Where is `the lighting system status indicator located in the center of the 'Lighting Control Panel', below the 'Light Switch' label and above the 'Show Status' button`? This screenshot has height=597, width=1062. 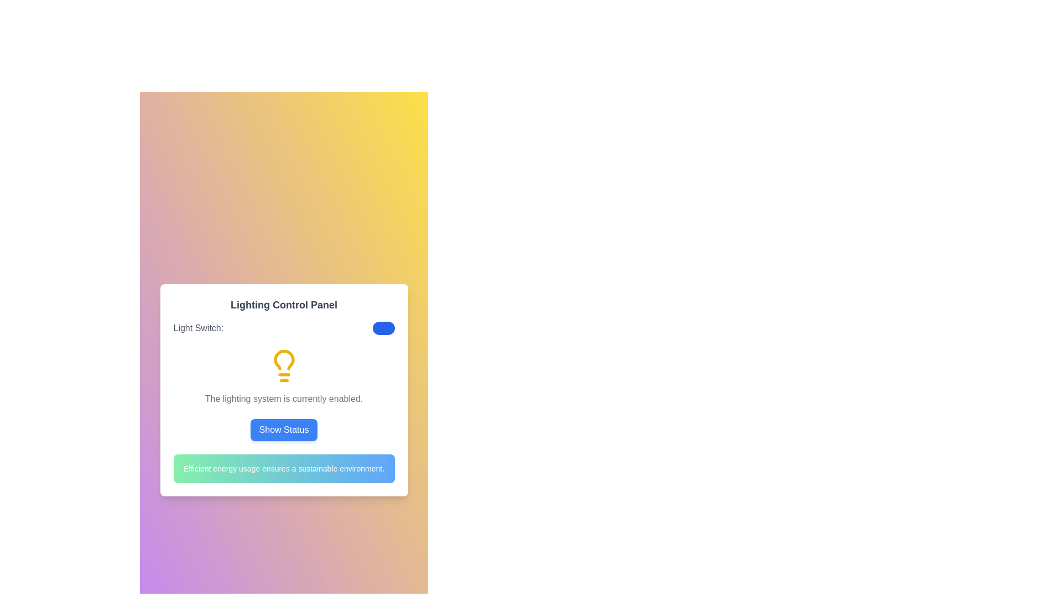 the lighting system status indicator located in the center of the 'Lighting Control Panel', below the 'Light Switch' label and above the 'Show Status' button is located at coordinates (284, 376).